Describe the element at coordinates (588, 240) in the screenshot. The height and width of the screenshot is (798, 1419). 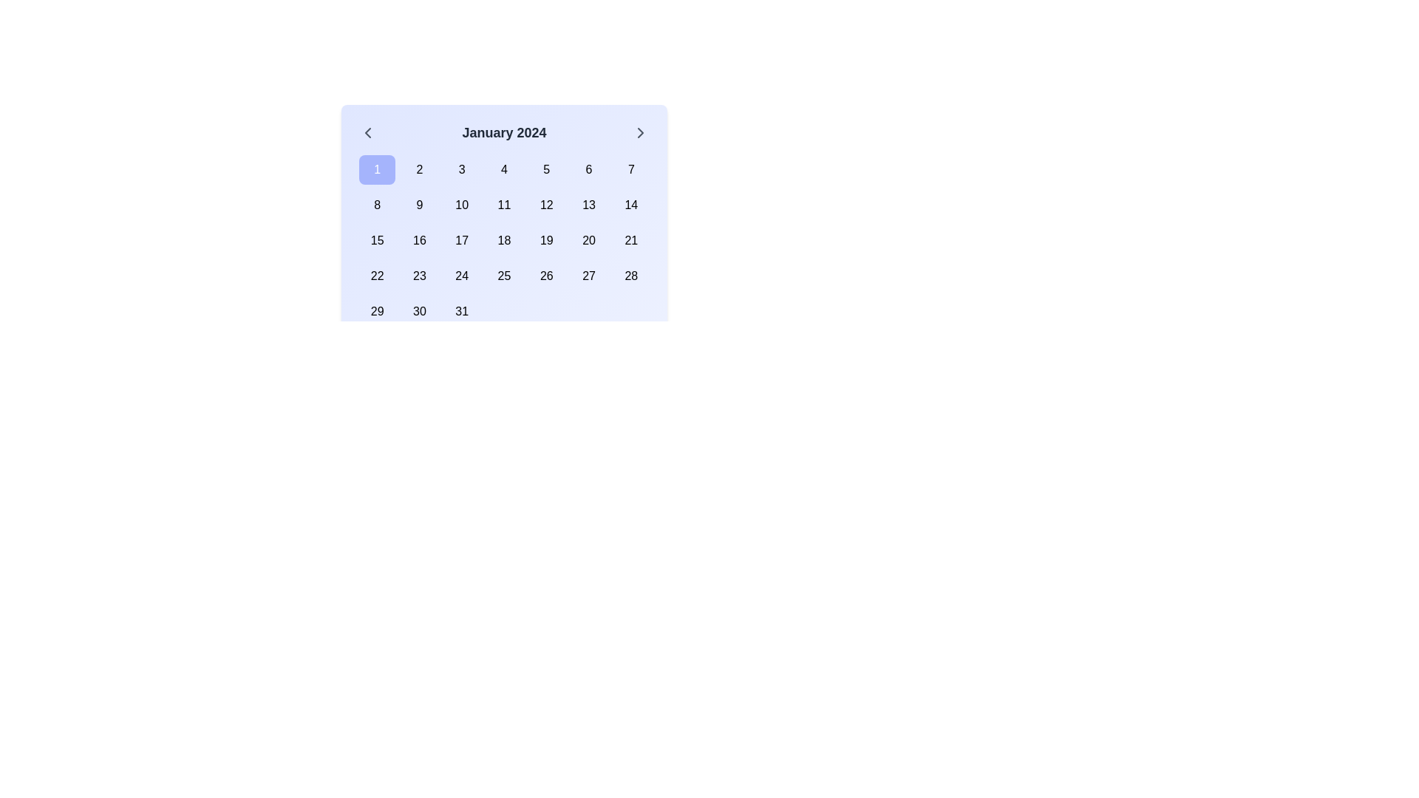
I see `the rectangular button displaying the number '20' in bold font, located in the fifth row and third column of the calendar view` at that location.